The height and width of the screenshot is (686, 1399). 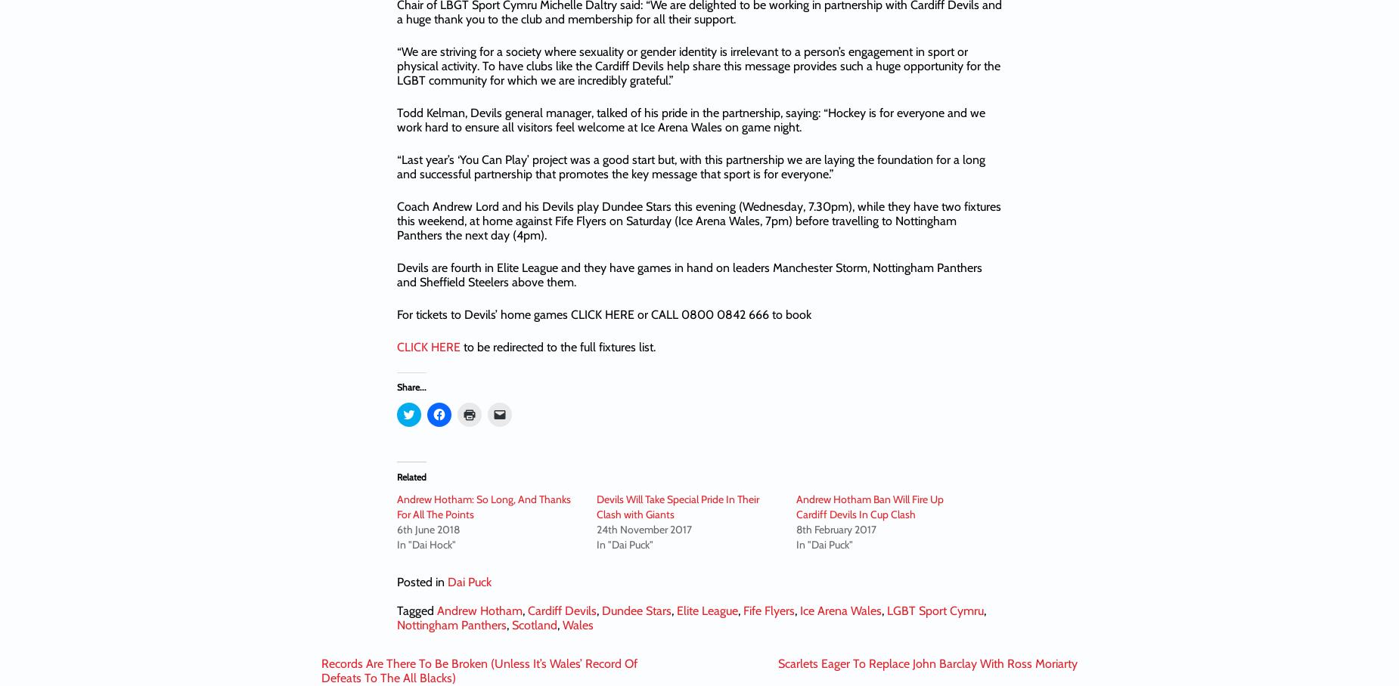 I want to click on 'Scotland', so click(x=511, y=624).